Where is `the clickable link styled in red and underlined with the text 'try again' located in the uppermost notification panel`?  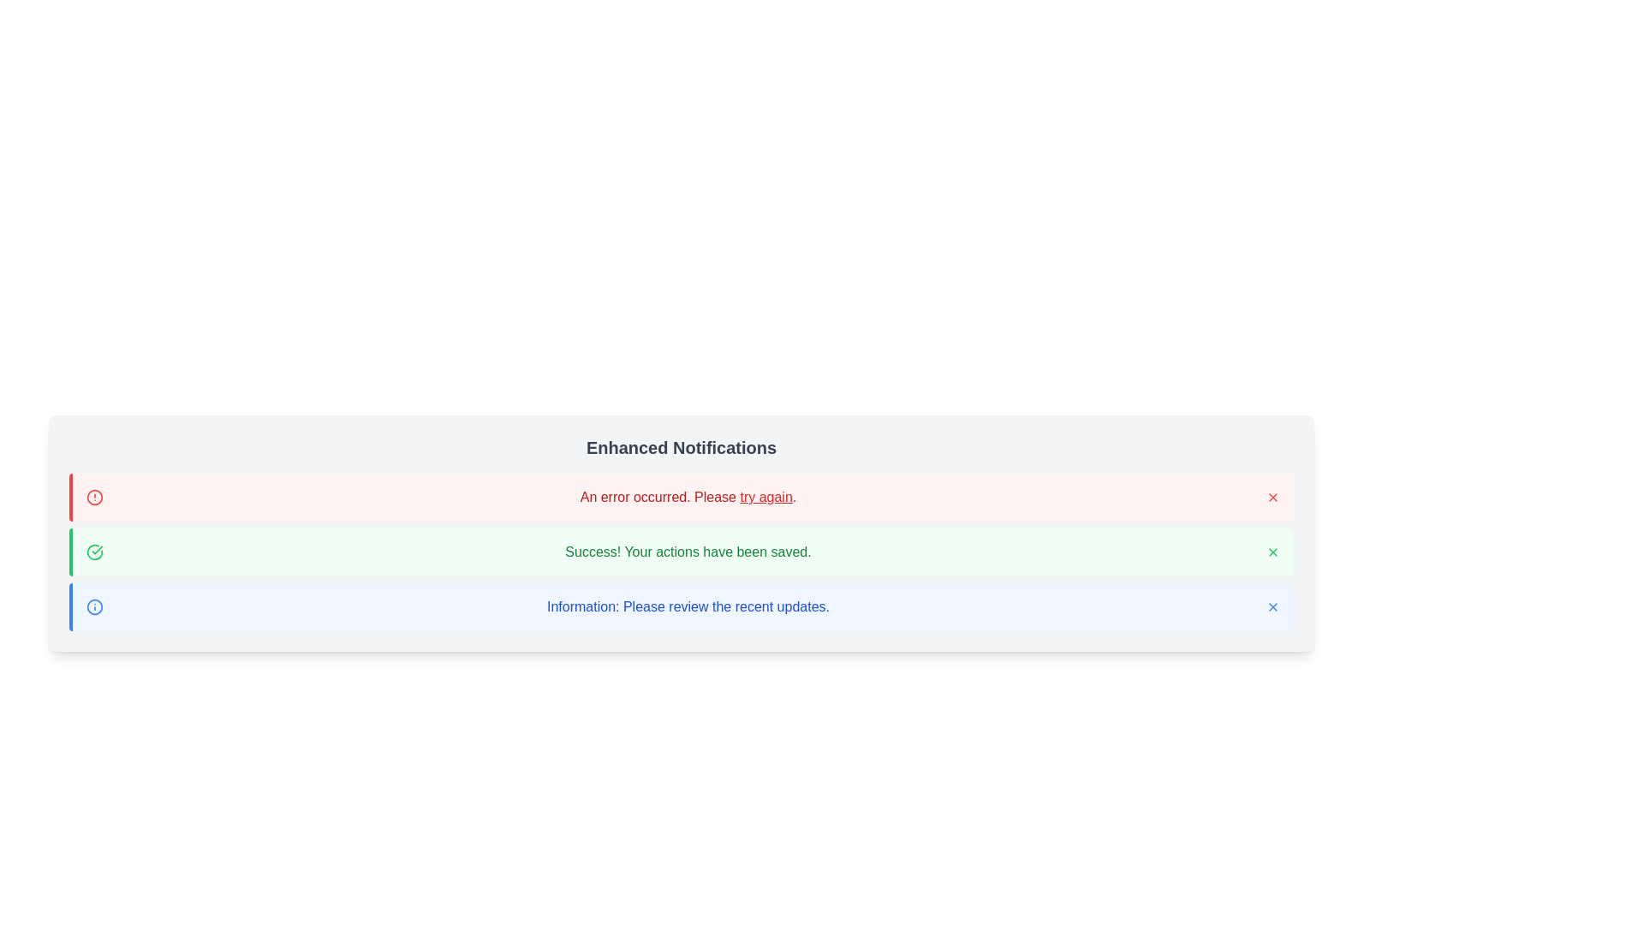
the clickable link styled in red and underlined with the text 'try again' located in the uppermost notification panel is located at coordinates (765, 497).